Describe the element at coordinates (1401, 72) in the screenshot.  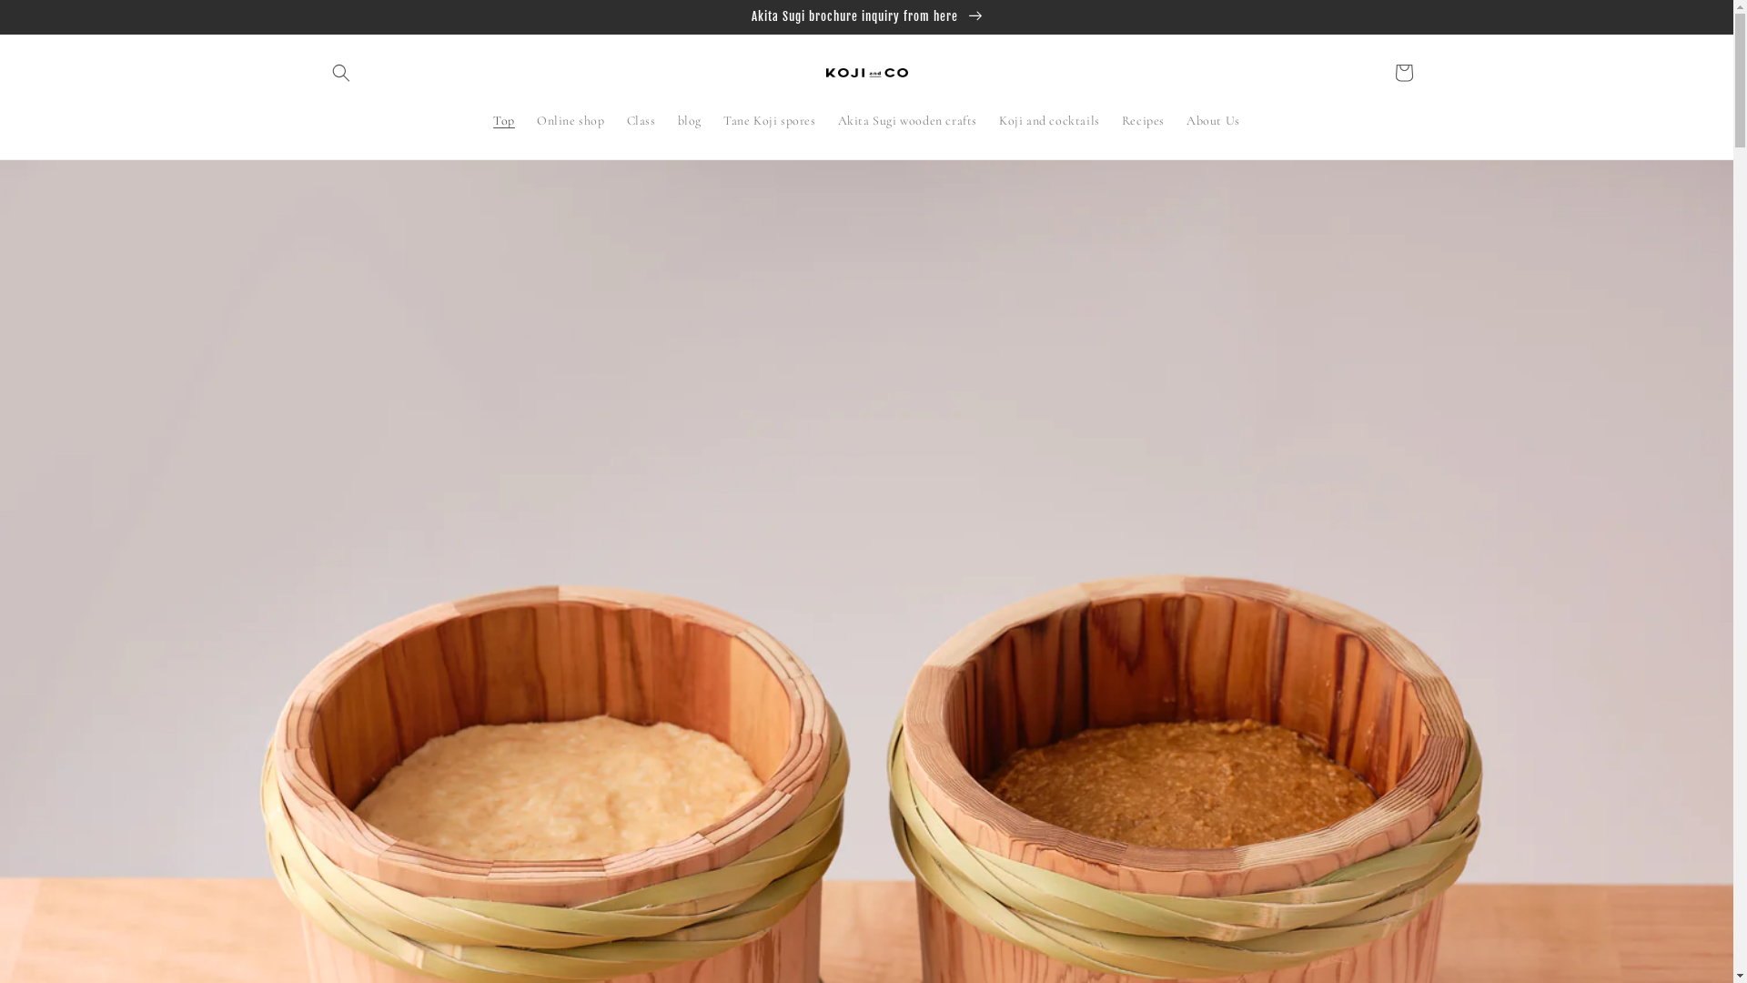
I see `'Cart'` at that location.